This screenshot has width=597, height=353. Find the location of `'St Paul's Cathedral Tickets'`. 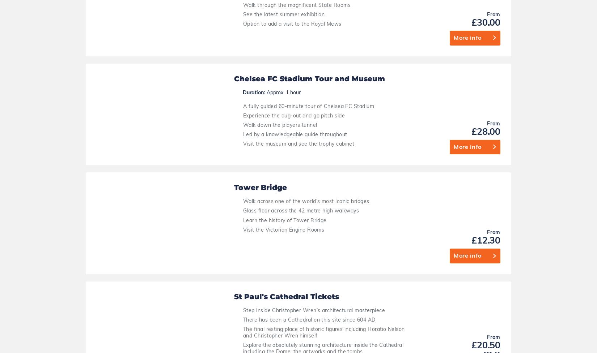

'St Paul's Cathedral Tickets' is located at coordinates (286, 35).